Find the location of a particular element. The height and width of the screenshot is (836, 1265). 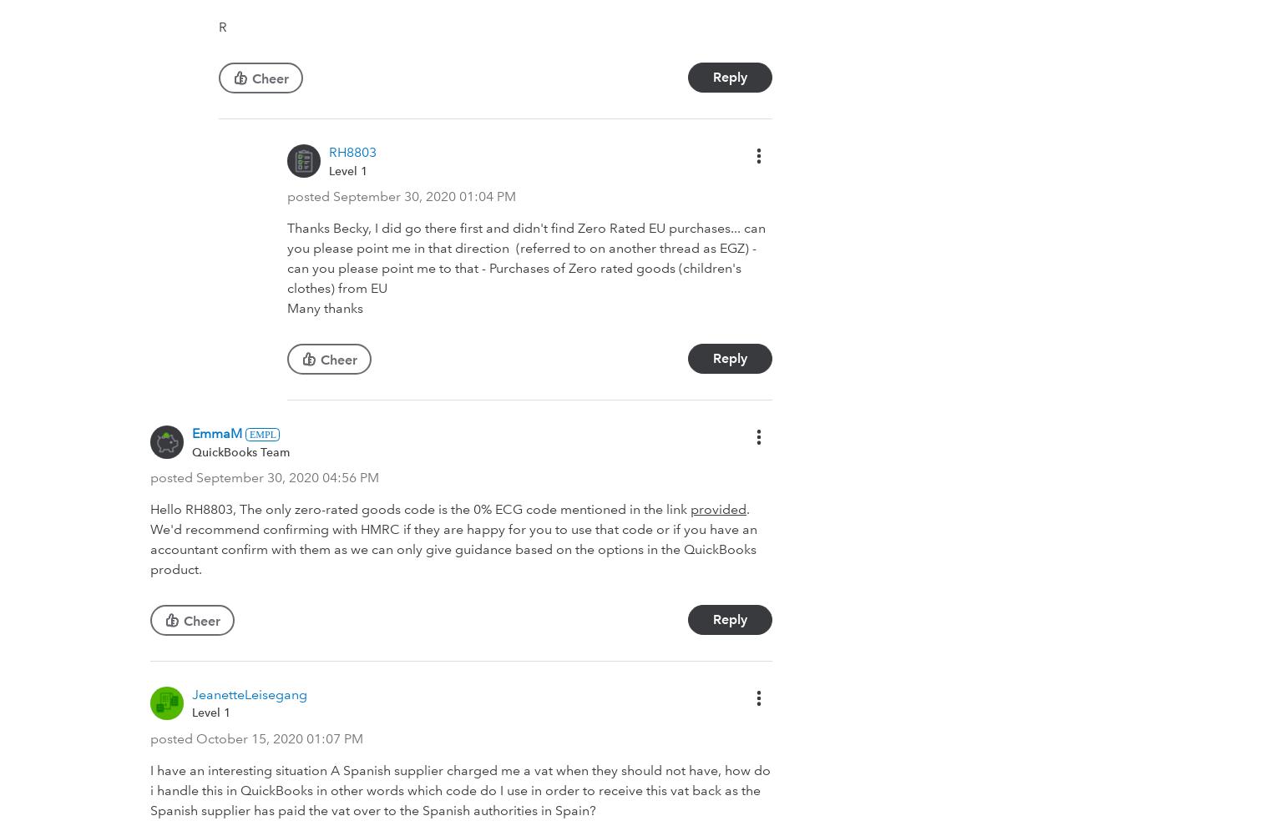

'‎October 15, 2020' is located at coordinates (250, 738).